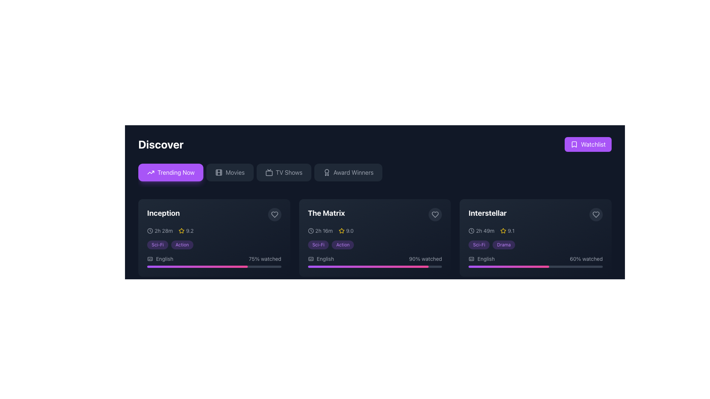  Describe the element at coordinates (176, 172) in the screenshot. I see `the 'Trending Now' text label within the first button in the horizontal row of category buttons at the top of the interface` at that location.